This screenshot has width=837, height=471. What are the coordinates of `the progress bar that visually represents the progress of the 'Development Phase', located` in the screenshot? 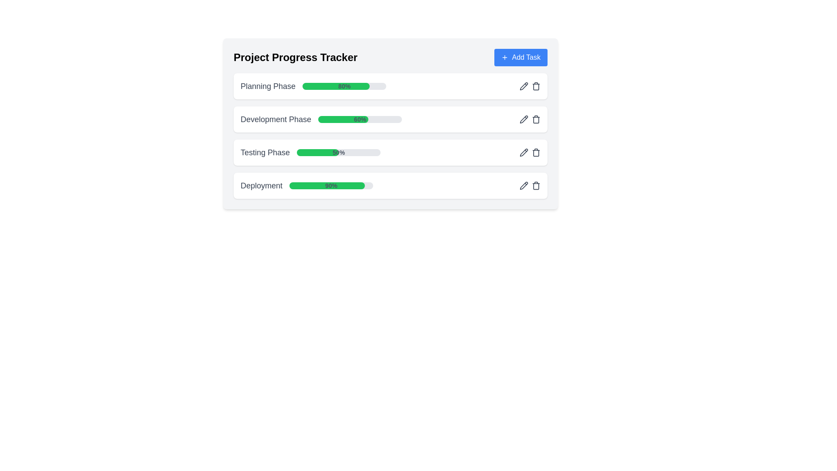 It's located at (360, 119).